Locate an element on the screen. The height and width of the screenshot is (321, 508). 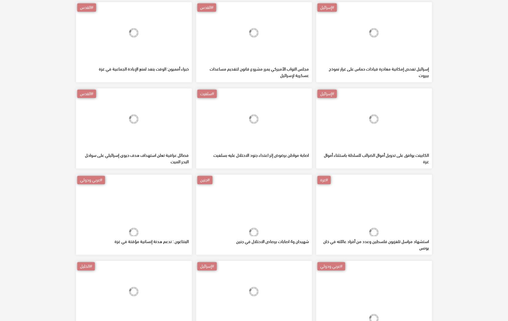
'البنتاغون : ندعم هدنة إنسانية مؤقتة في غزة' is located at coordinates (151, 285).